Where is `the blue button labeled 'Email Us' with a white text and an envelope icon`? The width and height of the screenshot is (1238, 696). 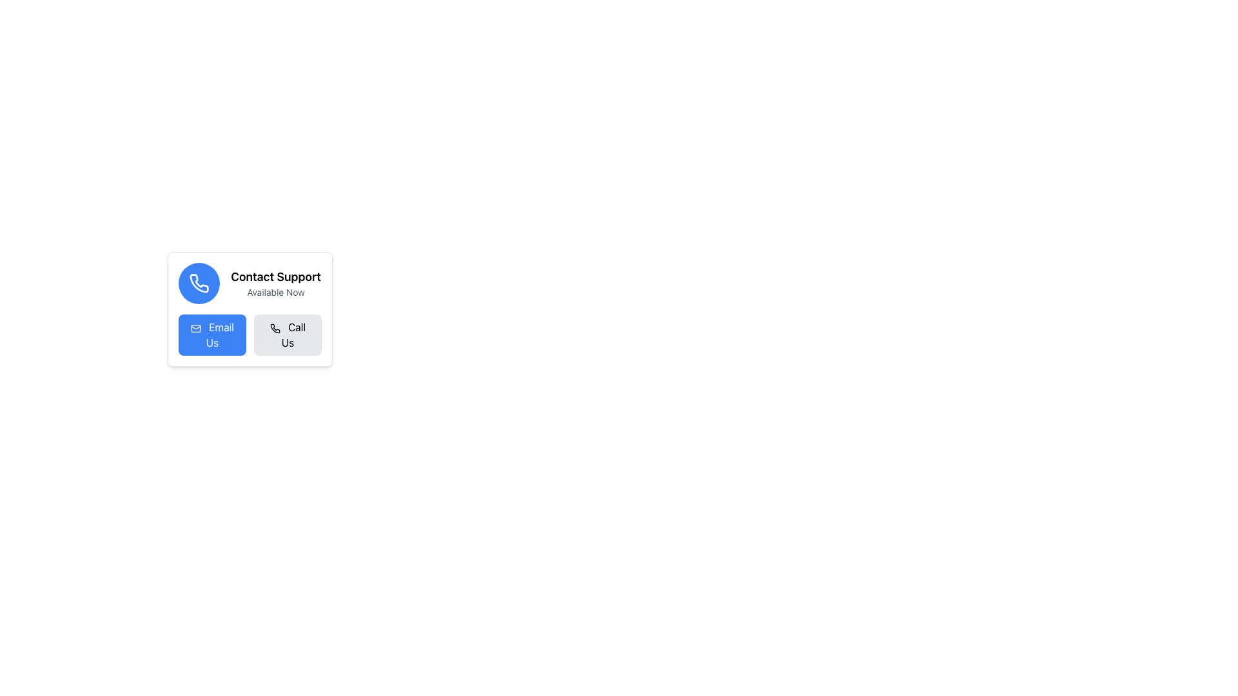
the blue button labeled 'Email Us' with a white text and an envelope icon is located at coordinates (212, 334).